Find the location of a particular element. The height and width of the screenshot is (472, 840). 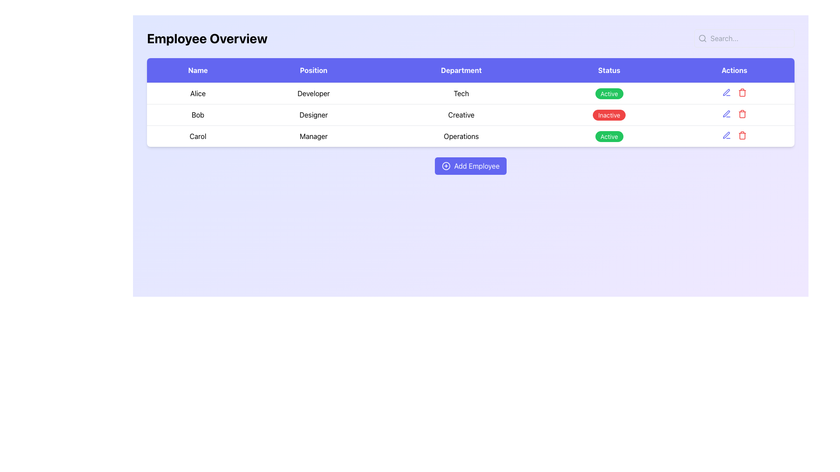

the first row of the table displaying information about user 'Alice', located in the main content area is located at coordinates (470, 93).